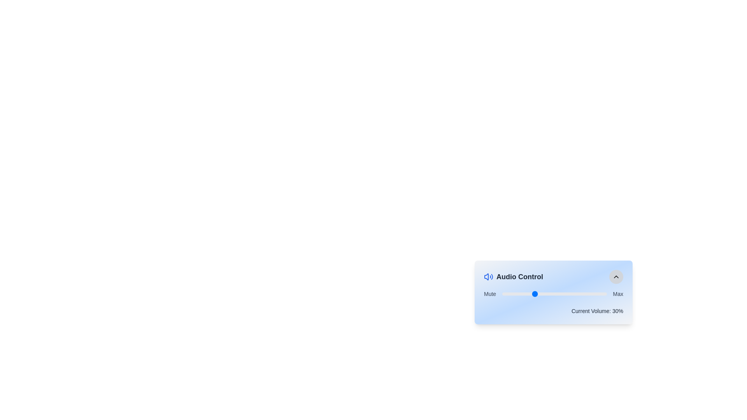 The image size is (747, 420). I want to click on the volume level, so click(547, 294).